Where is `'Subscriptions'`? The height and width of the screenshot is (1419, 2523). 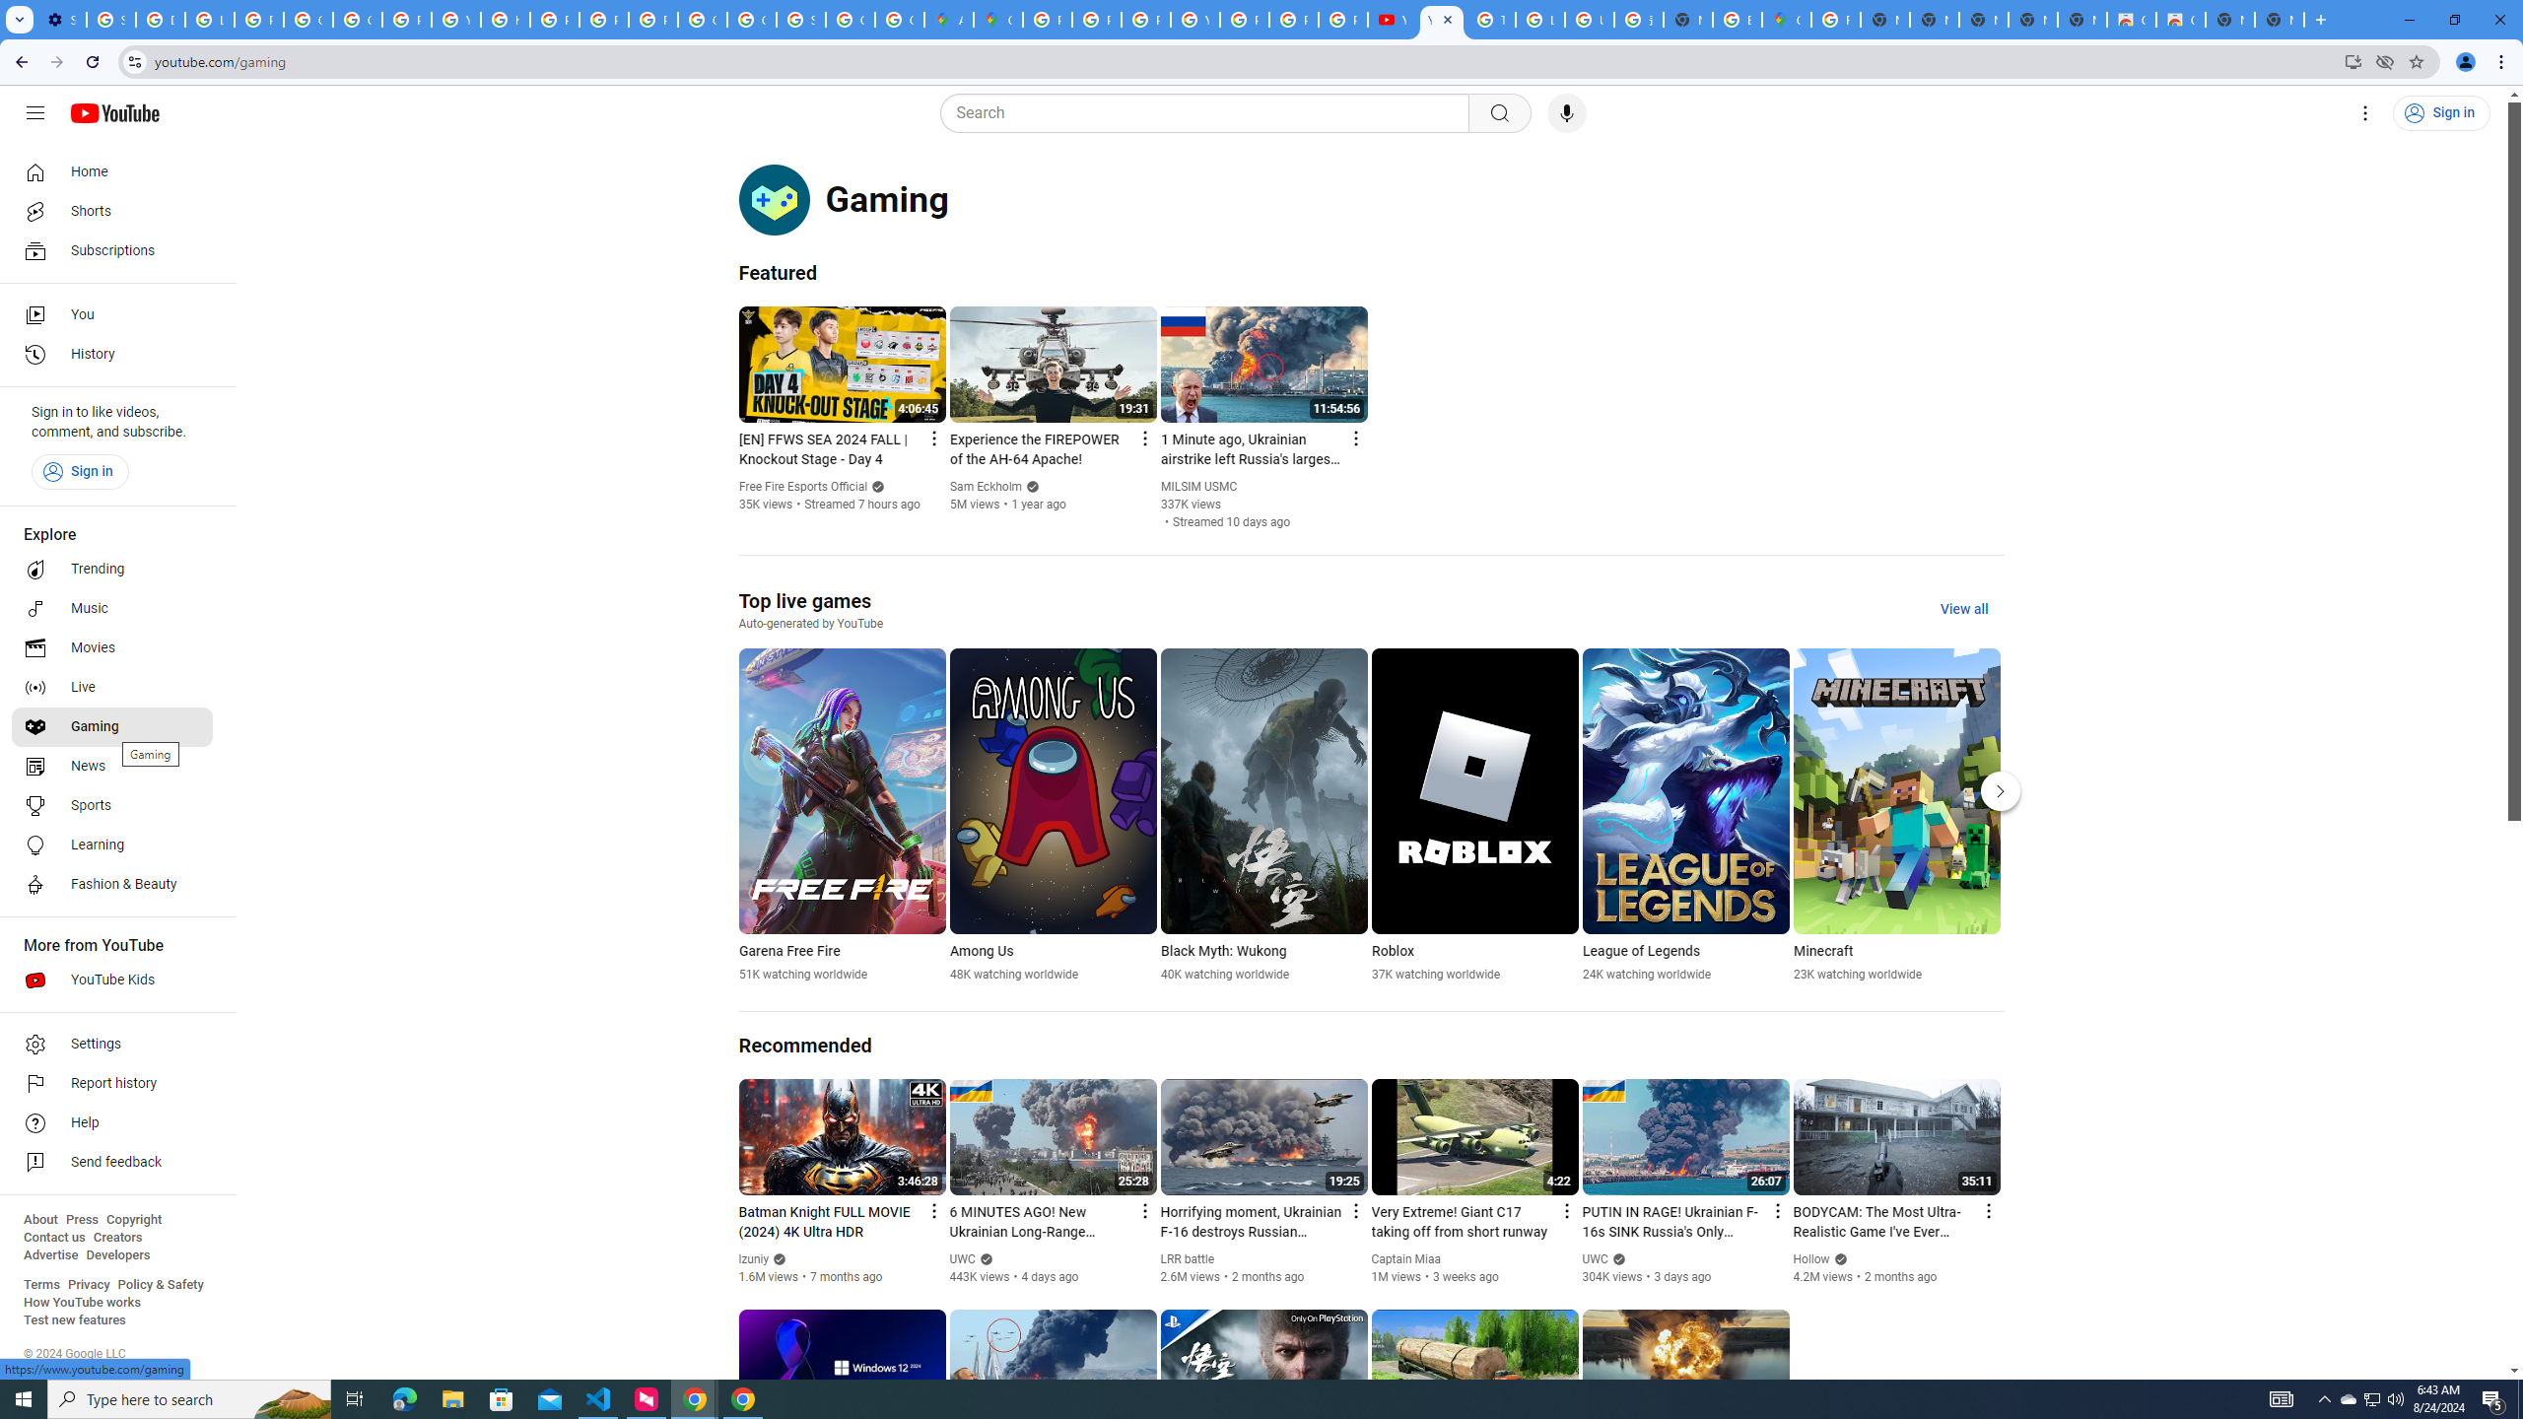 'Subscriptions' is located at coordinates (111, 249).